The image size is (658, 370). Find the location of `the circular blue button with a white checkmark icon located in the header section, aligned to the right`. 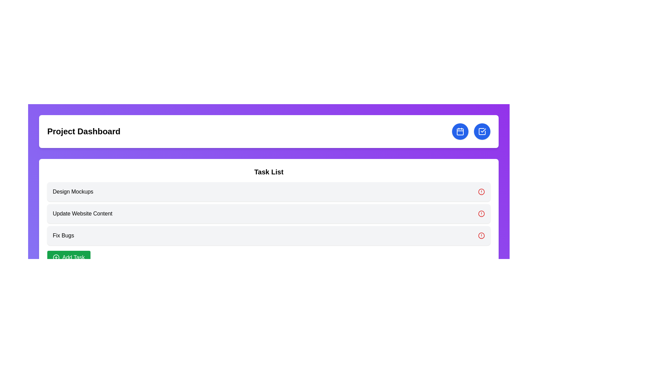

the circular blue button with a white checkmark icon located in the header section, aligned to the right is located at coordinates (482, 132).